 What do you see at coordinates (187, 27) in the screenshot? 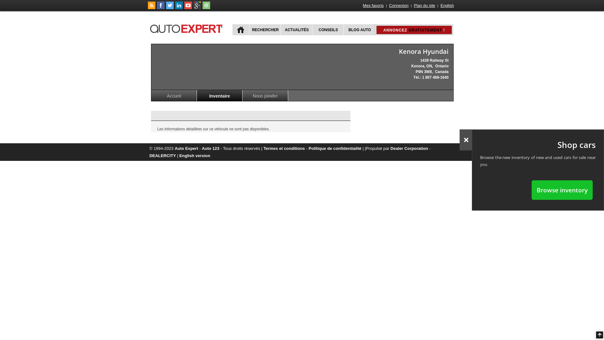
I see `'autoExpert.ca'` at bounding box center [187, 27].